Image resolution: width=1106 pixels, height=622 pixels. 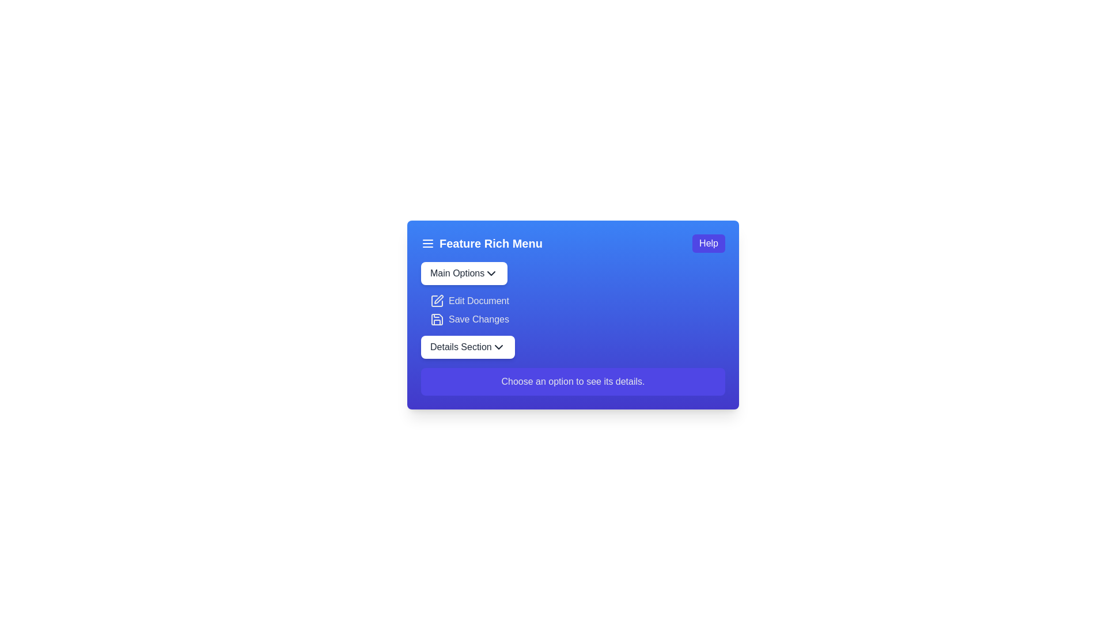 What do you see at coordinates (436, 320) in the screenshot?
I see `the floppy disk icon located to the right of the 'Save Changes' label in the 'Feature Rich Menu' section` at bounding box center [436, 320].